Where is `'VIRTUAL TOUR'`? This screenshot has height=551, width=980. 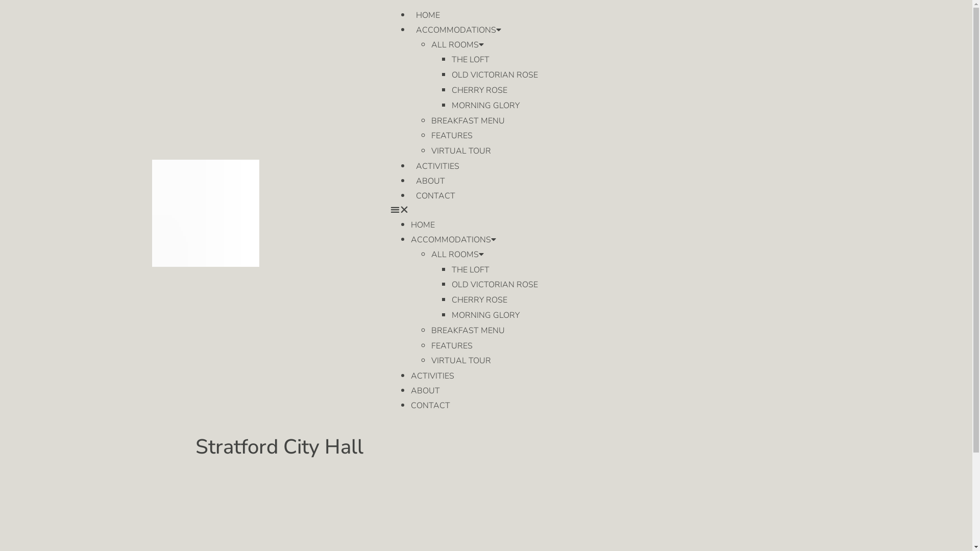
'VIRTUAL TOUR' is located at coordinates (460, 360).